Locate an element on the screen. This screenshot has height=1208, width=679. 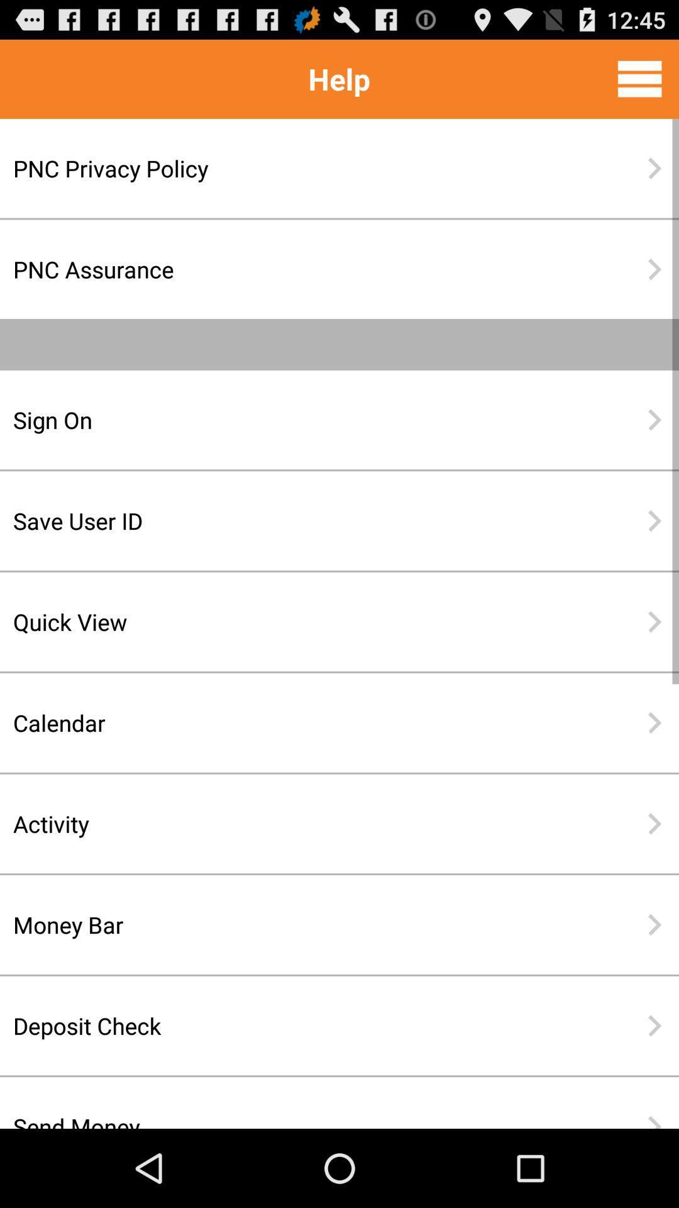
quick view icon is located at coordinates (299, 622).